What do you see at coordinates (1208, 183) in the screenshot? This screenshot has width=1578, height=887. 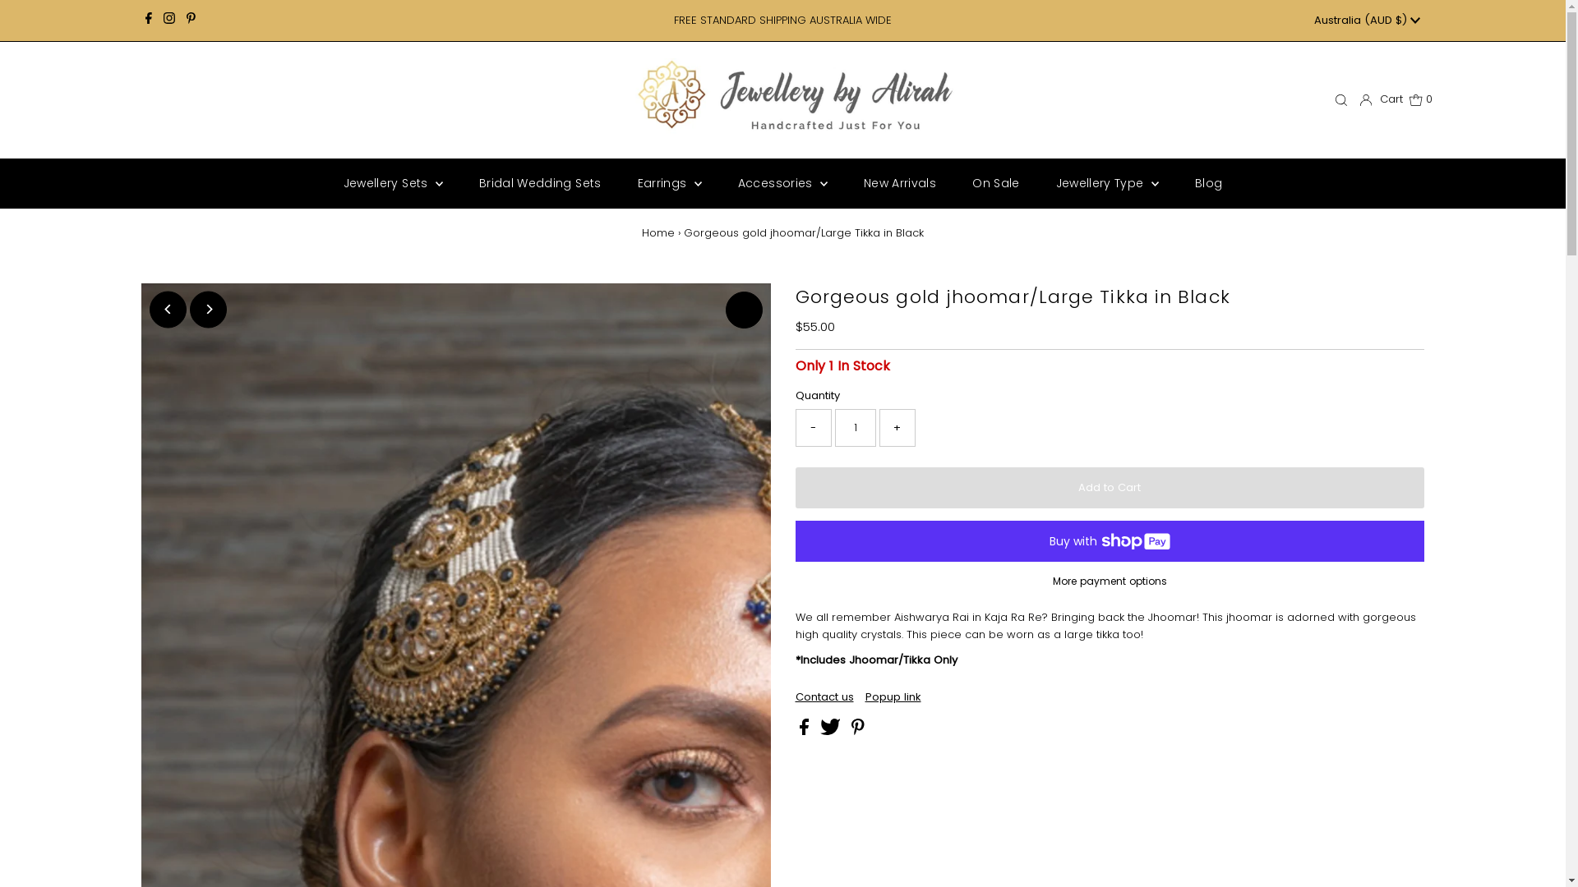 I see `'Blog'` at bounding box center [1208, 183].